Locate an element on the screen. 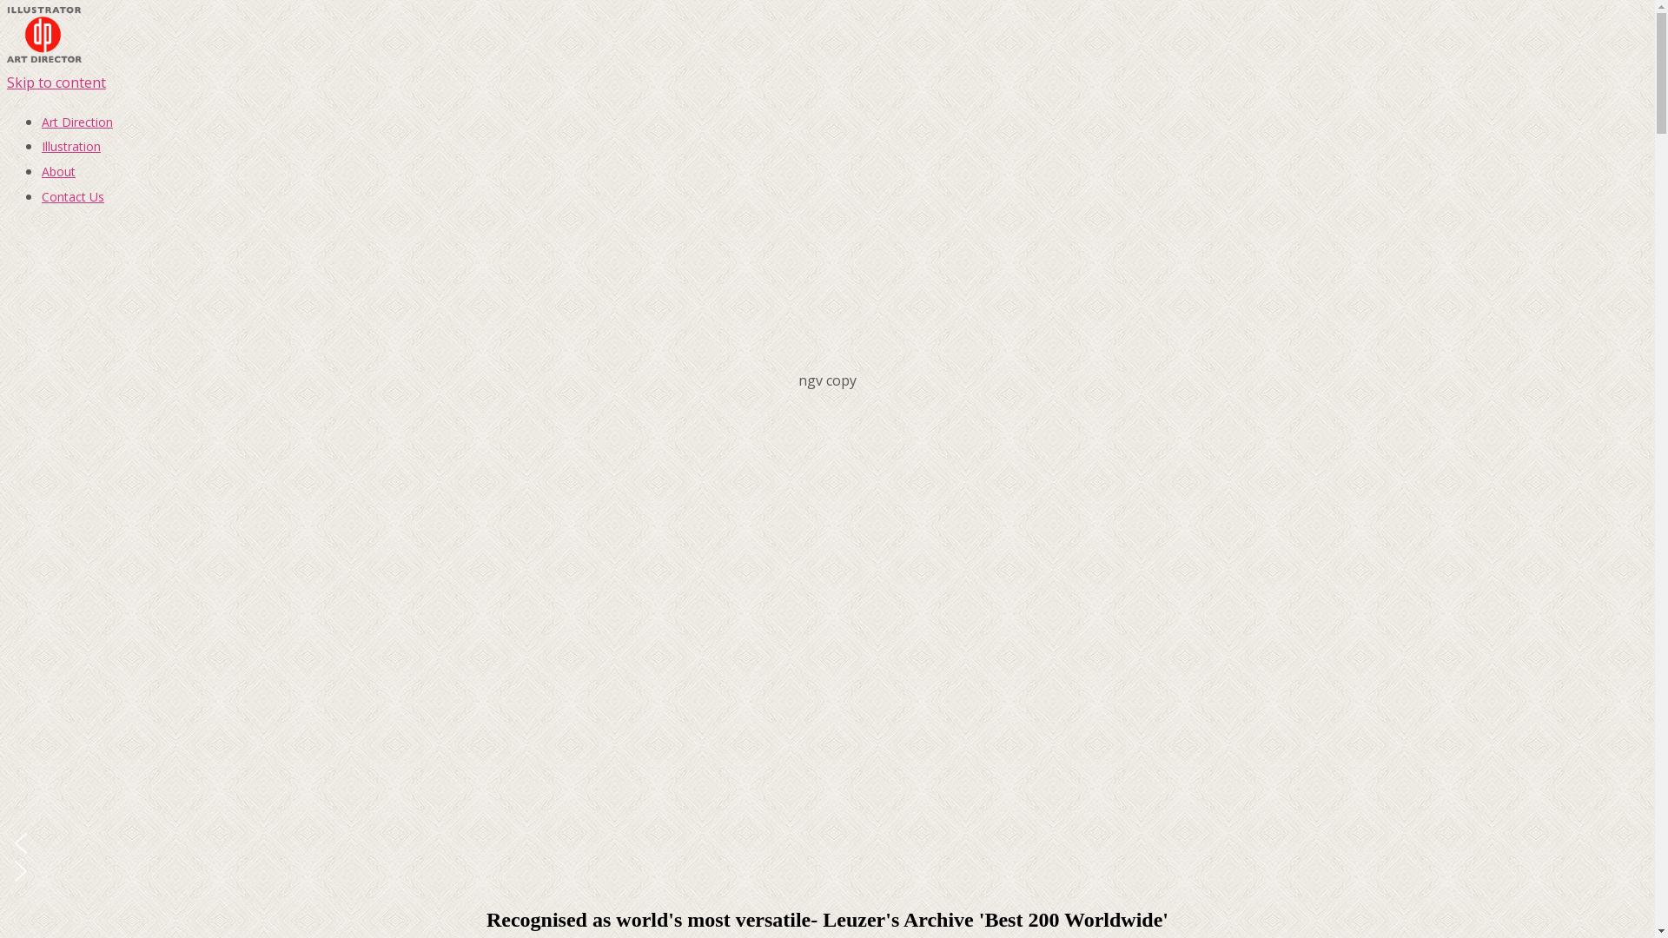 Image resolution: width=1668 pixels, height=938 pixels. 'Illustration' is located at coordinates (42, 145).